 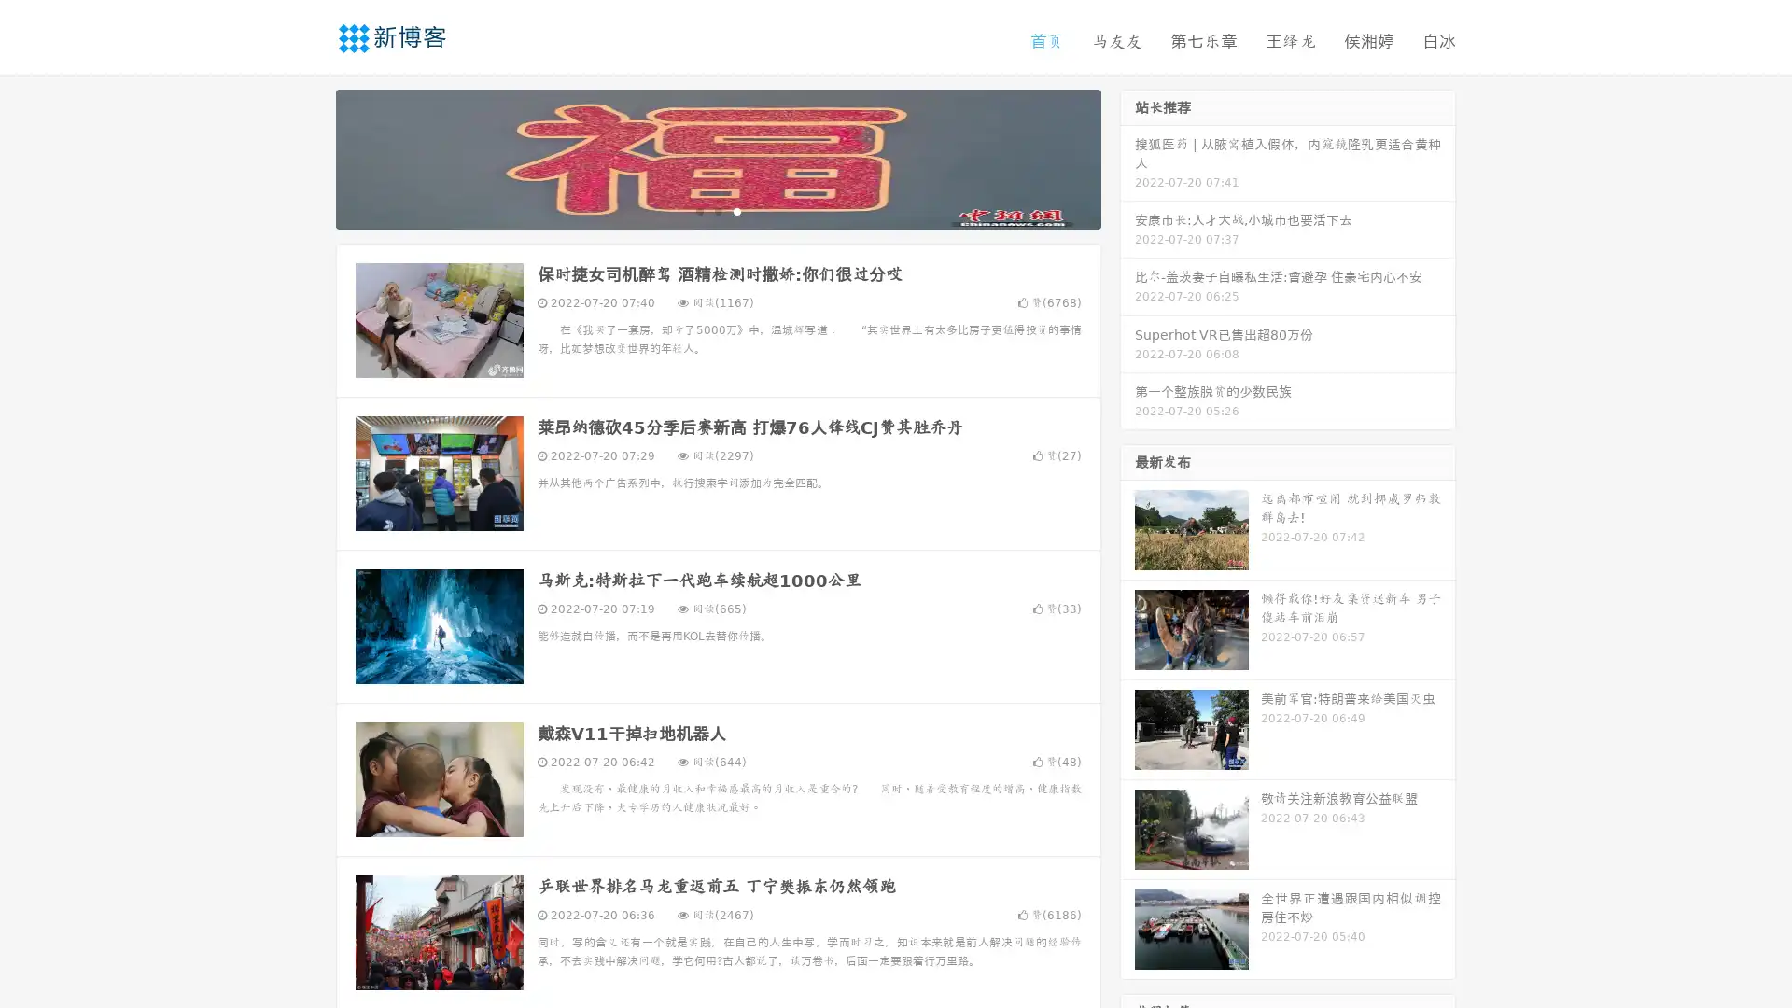 I want to click on Go to slide 3, so click(x=736, y=210).